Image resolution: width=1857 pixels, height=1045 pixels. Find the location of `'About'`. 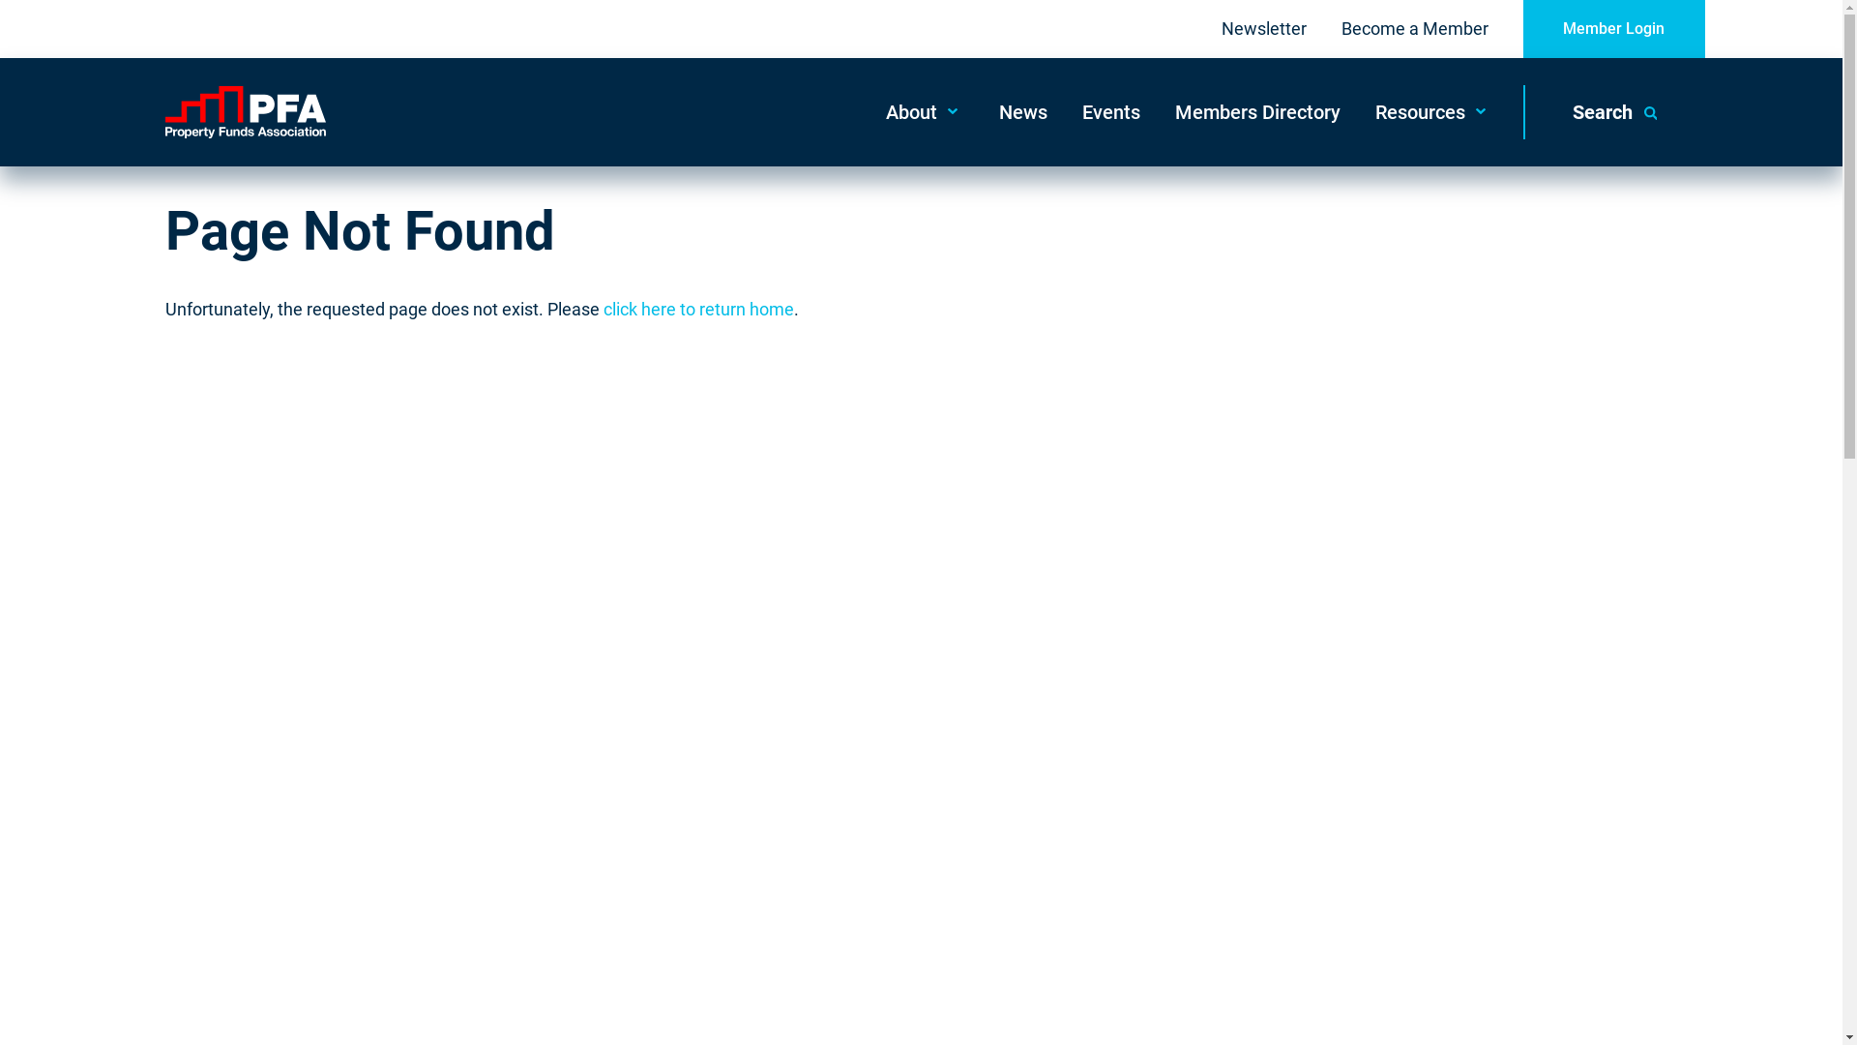

'About' is located at coordinates (867, 111).